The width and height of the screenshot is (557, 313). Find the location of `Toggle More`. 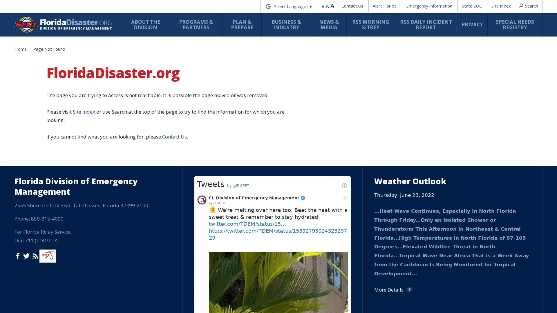

Toggle More is located at coordinates (391, 159).